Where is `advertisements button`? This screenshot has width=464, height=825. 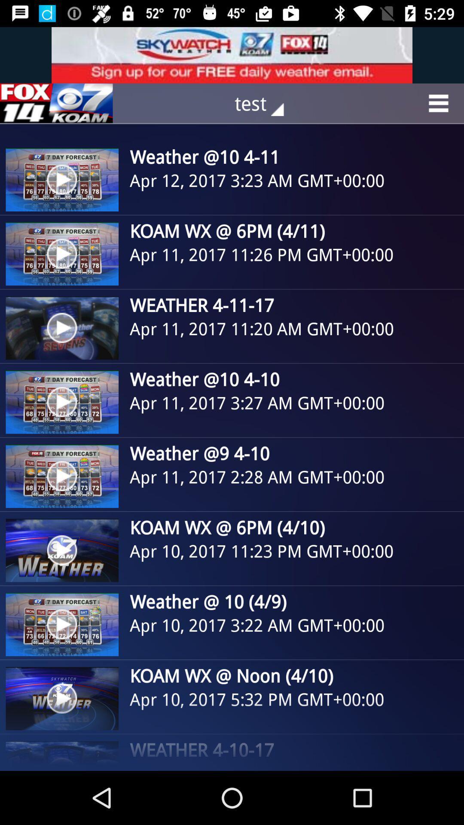 advertisements button is located at coordinates (56, 103).